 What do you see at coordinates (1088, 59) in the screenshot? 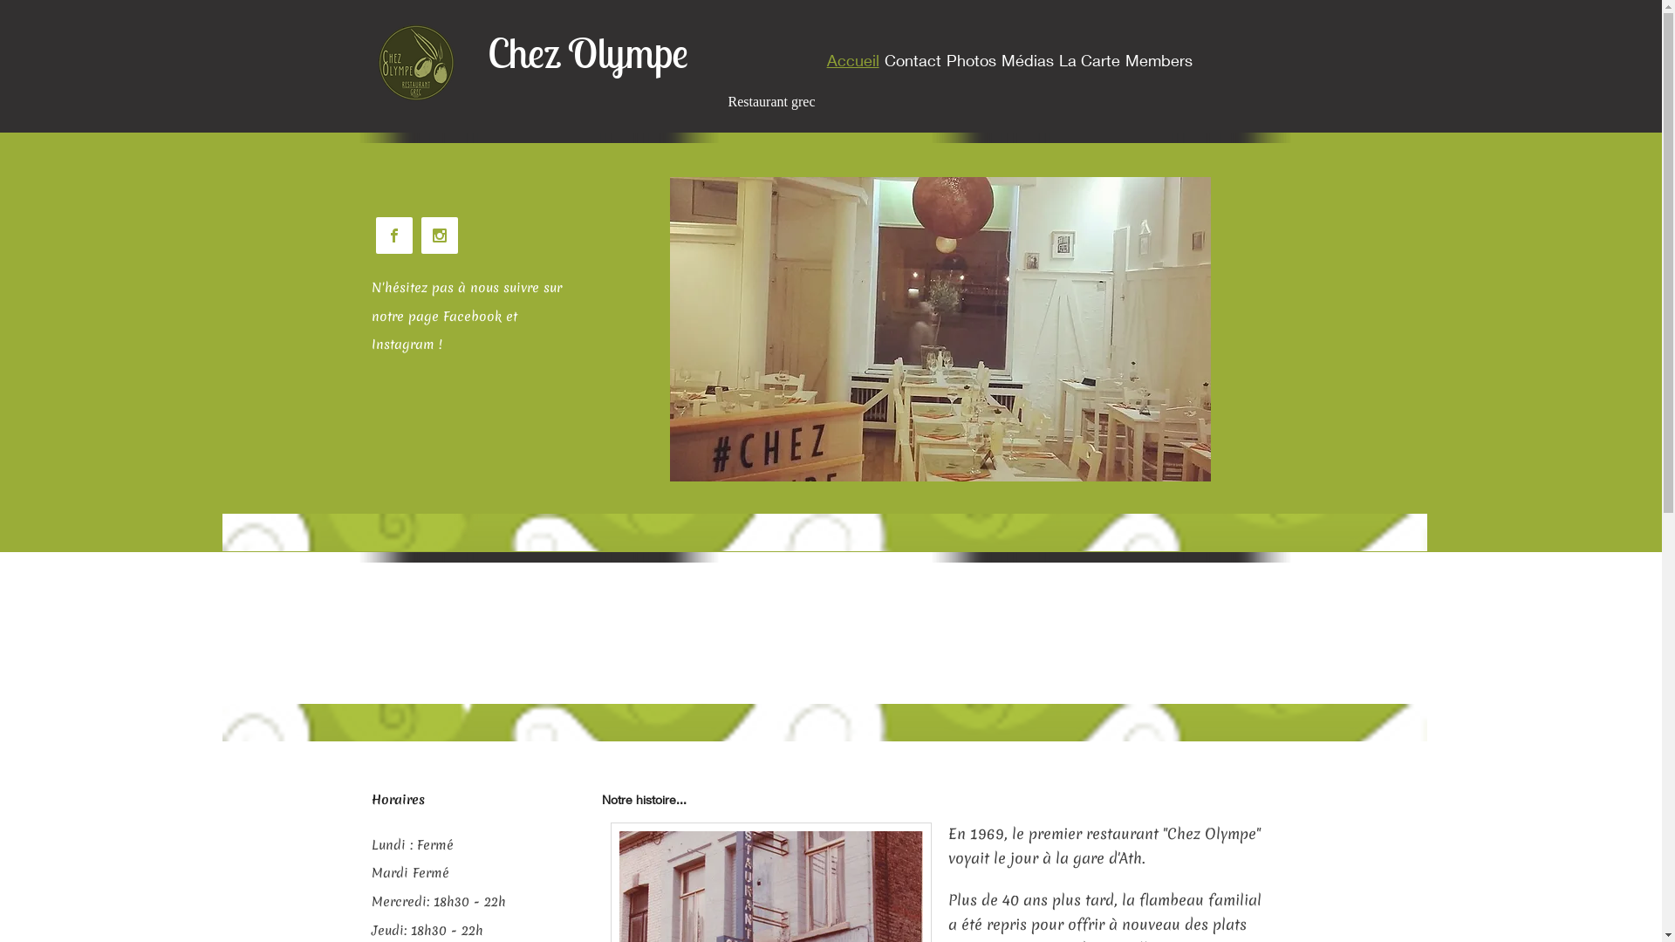
I see `'La Carte'` at bounding box center [1088, 59].